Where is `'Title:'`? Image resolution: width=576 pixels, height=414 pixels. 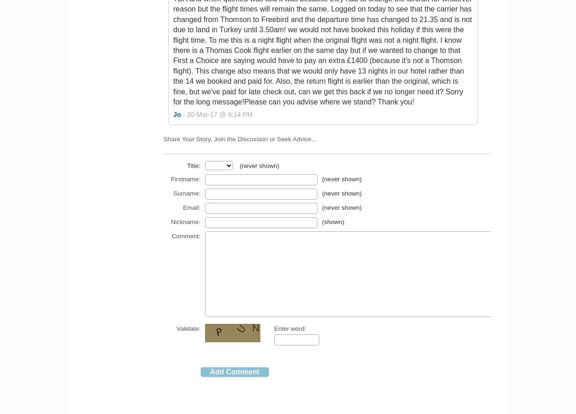
'Title:' is located at coordinates (194, 166).